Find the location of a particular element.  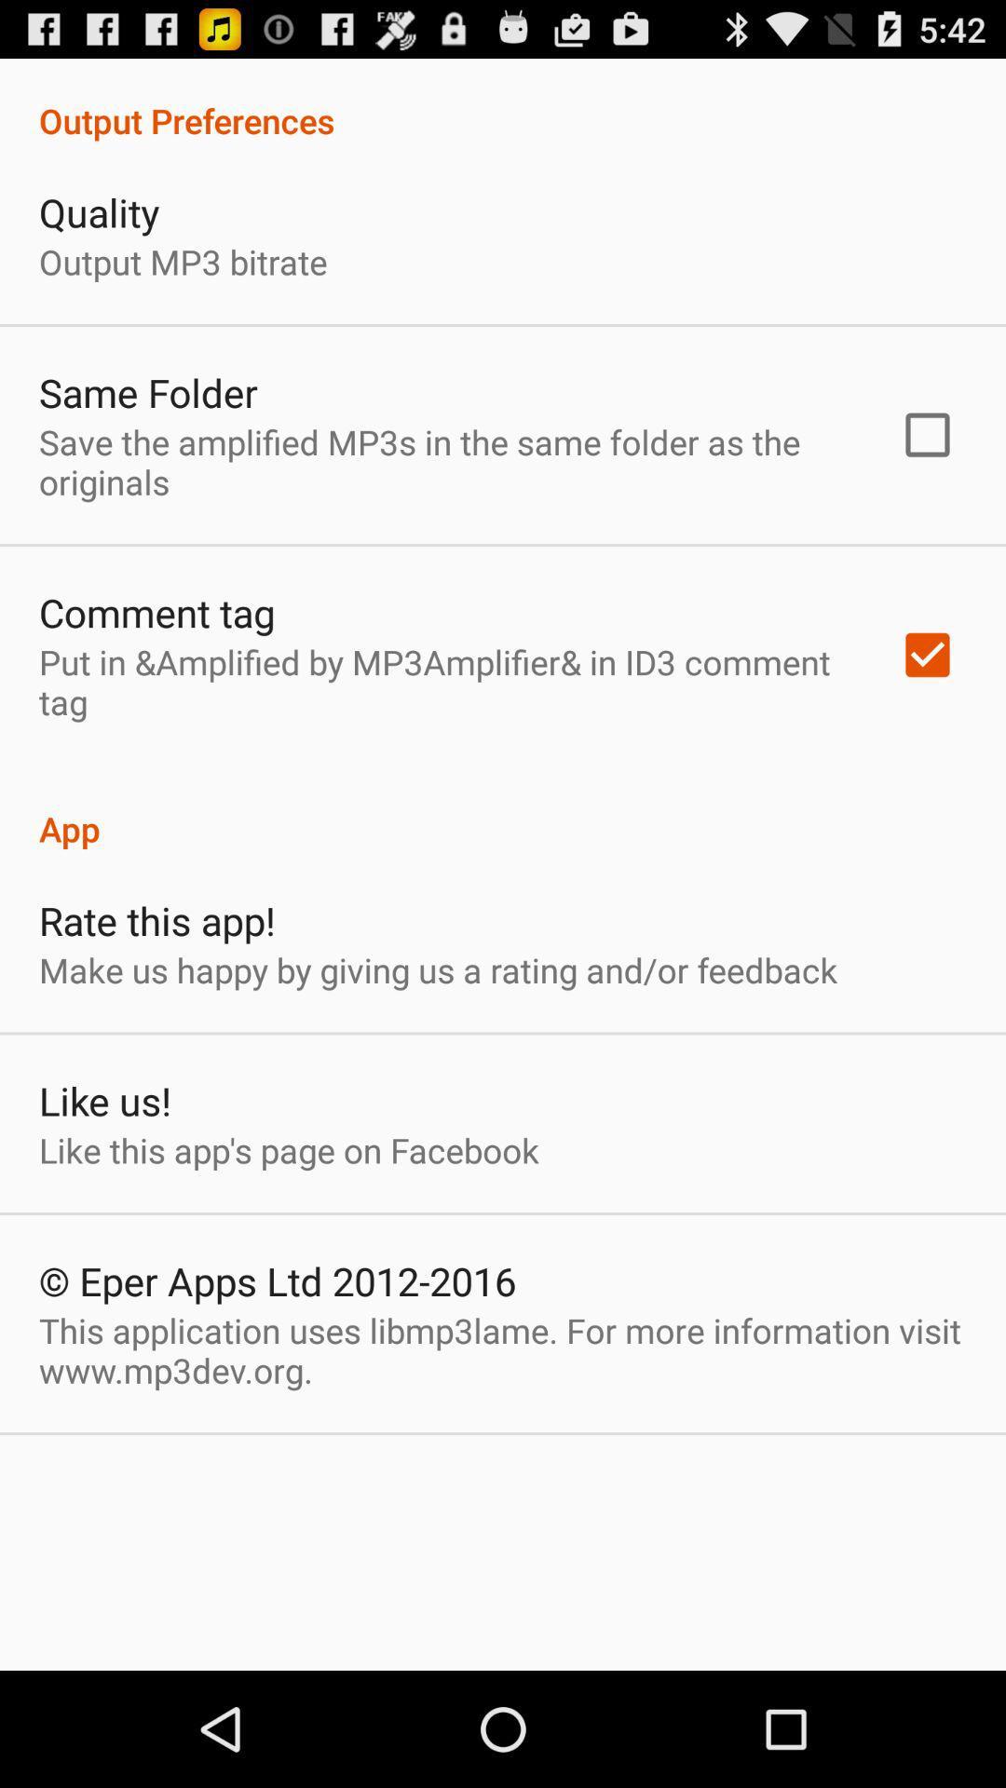

the icon above the this application uses icon is located at coordinates (278, 1280).